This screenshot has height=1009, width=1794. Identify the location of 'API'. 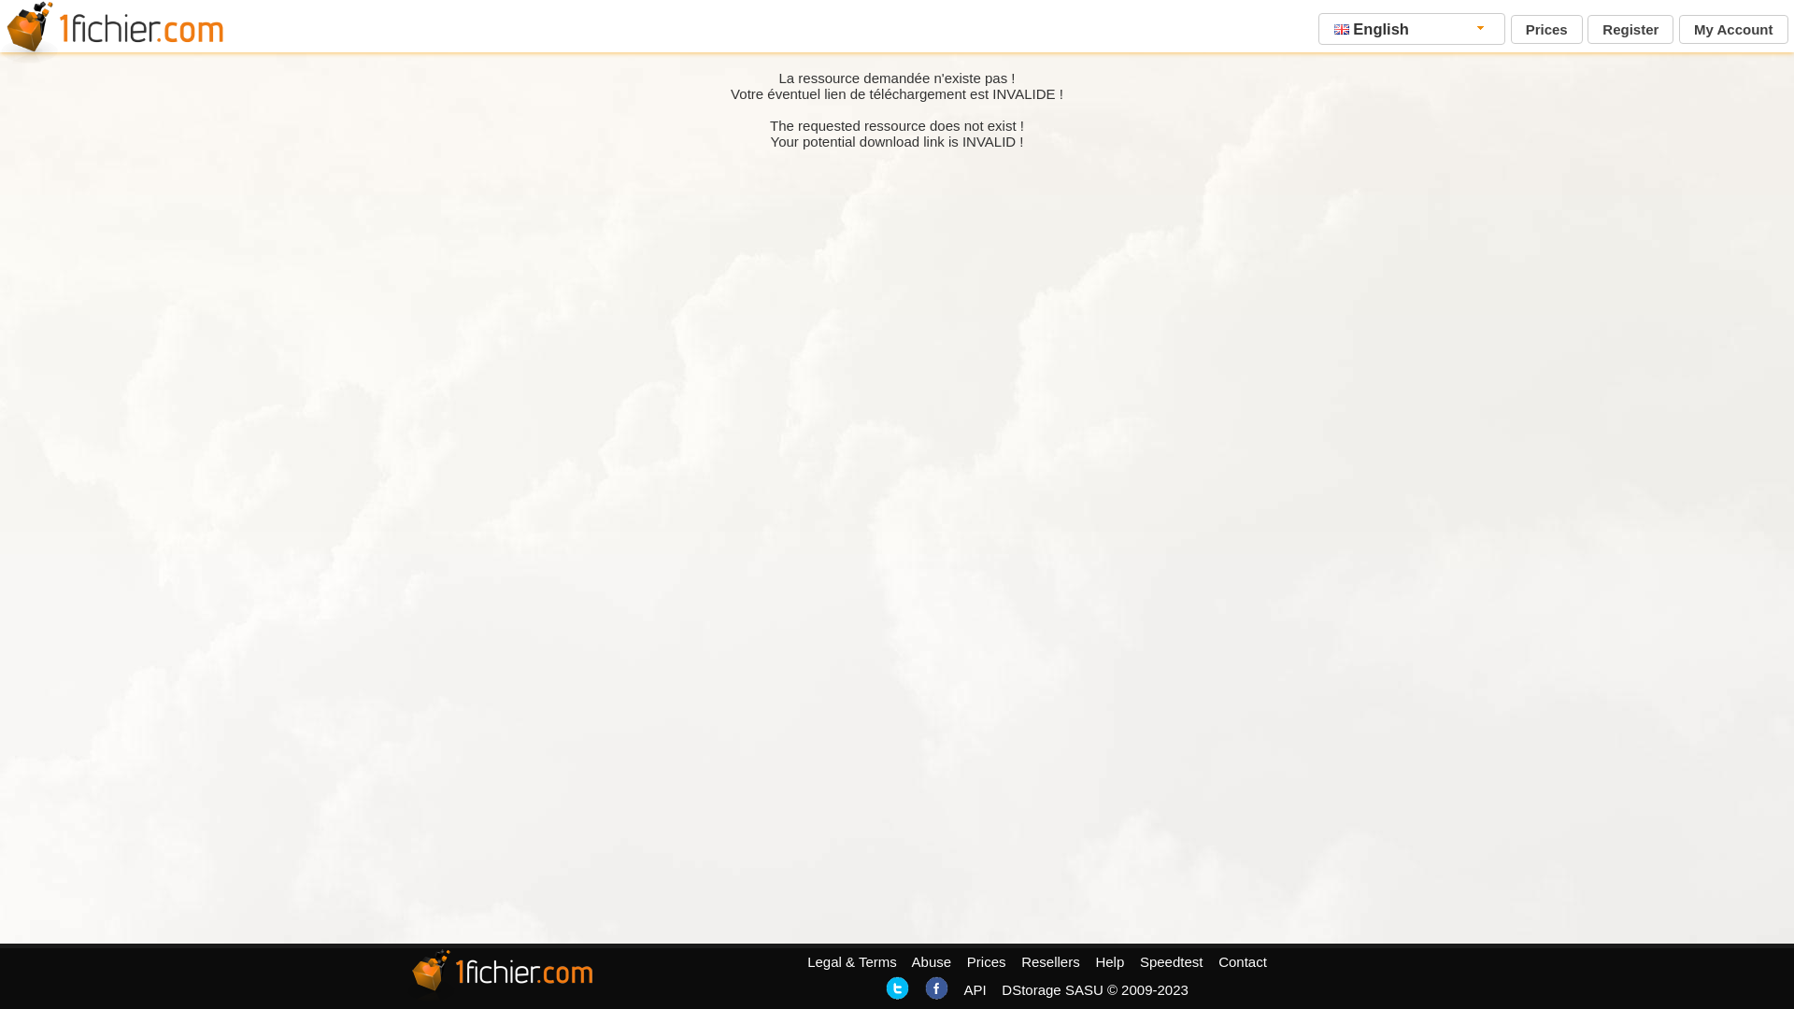
(973, 988).